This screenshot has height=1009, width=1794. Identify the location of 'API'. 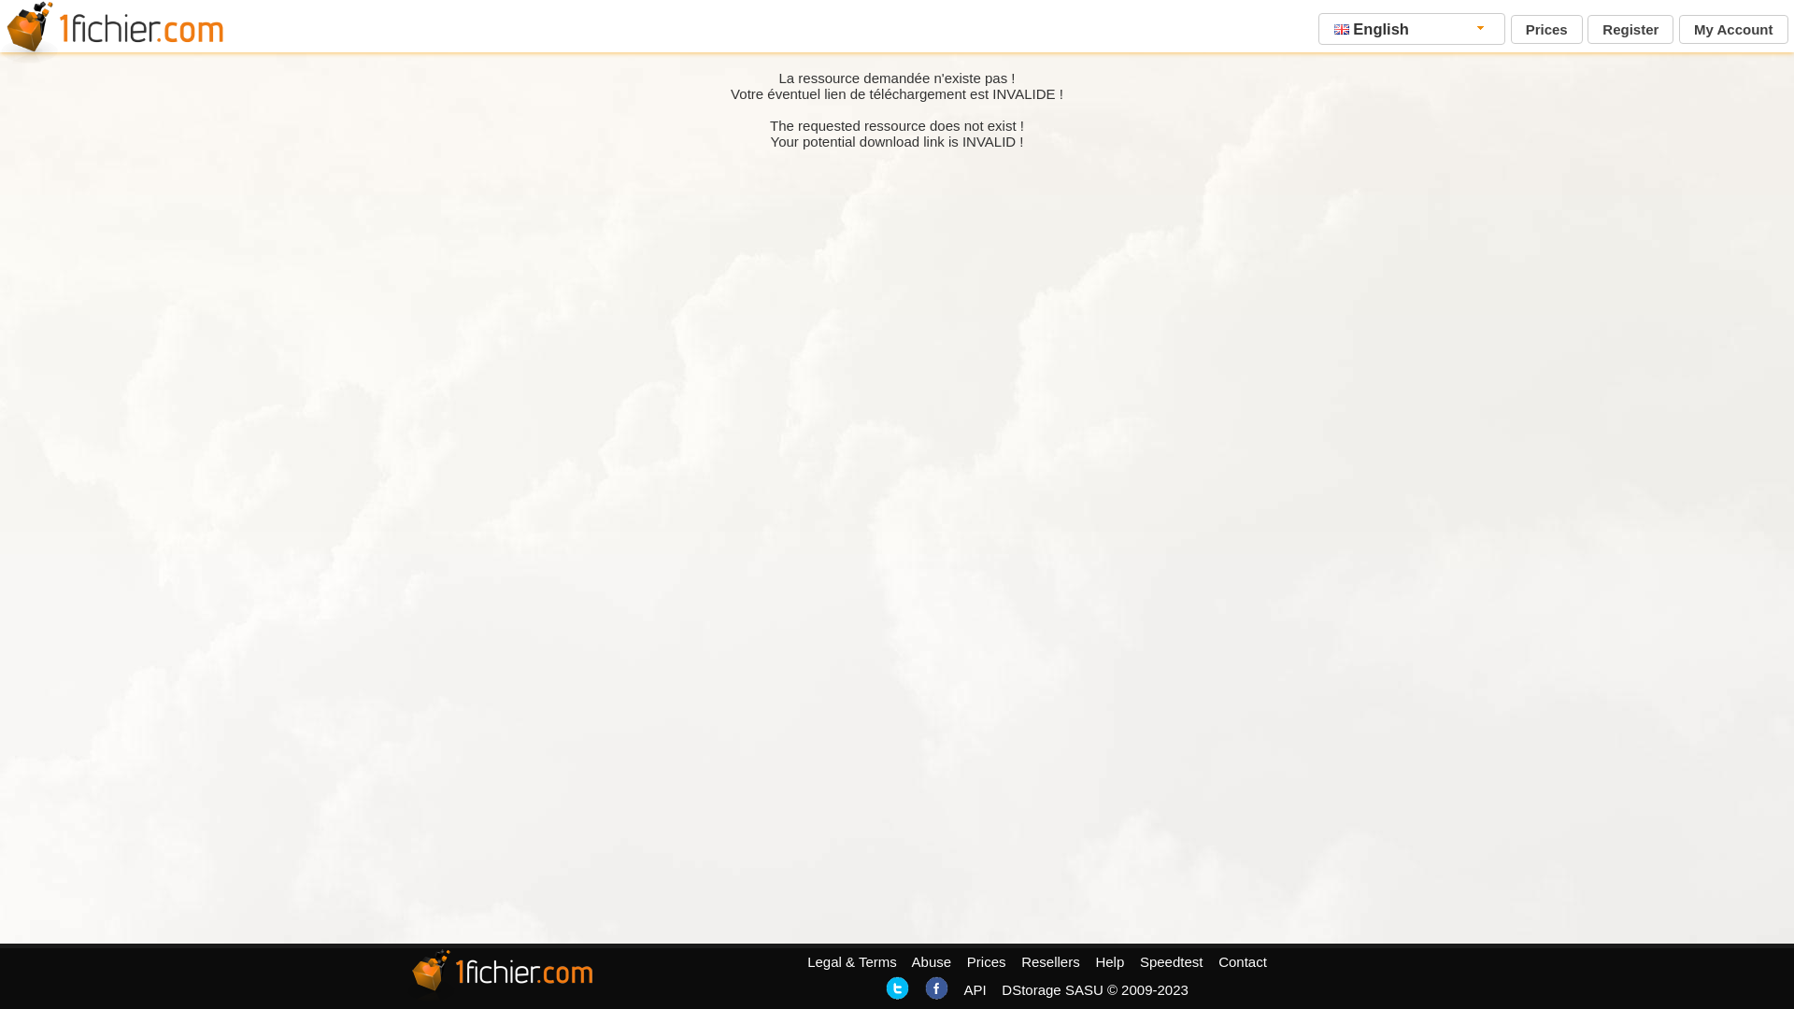
(973, 988).